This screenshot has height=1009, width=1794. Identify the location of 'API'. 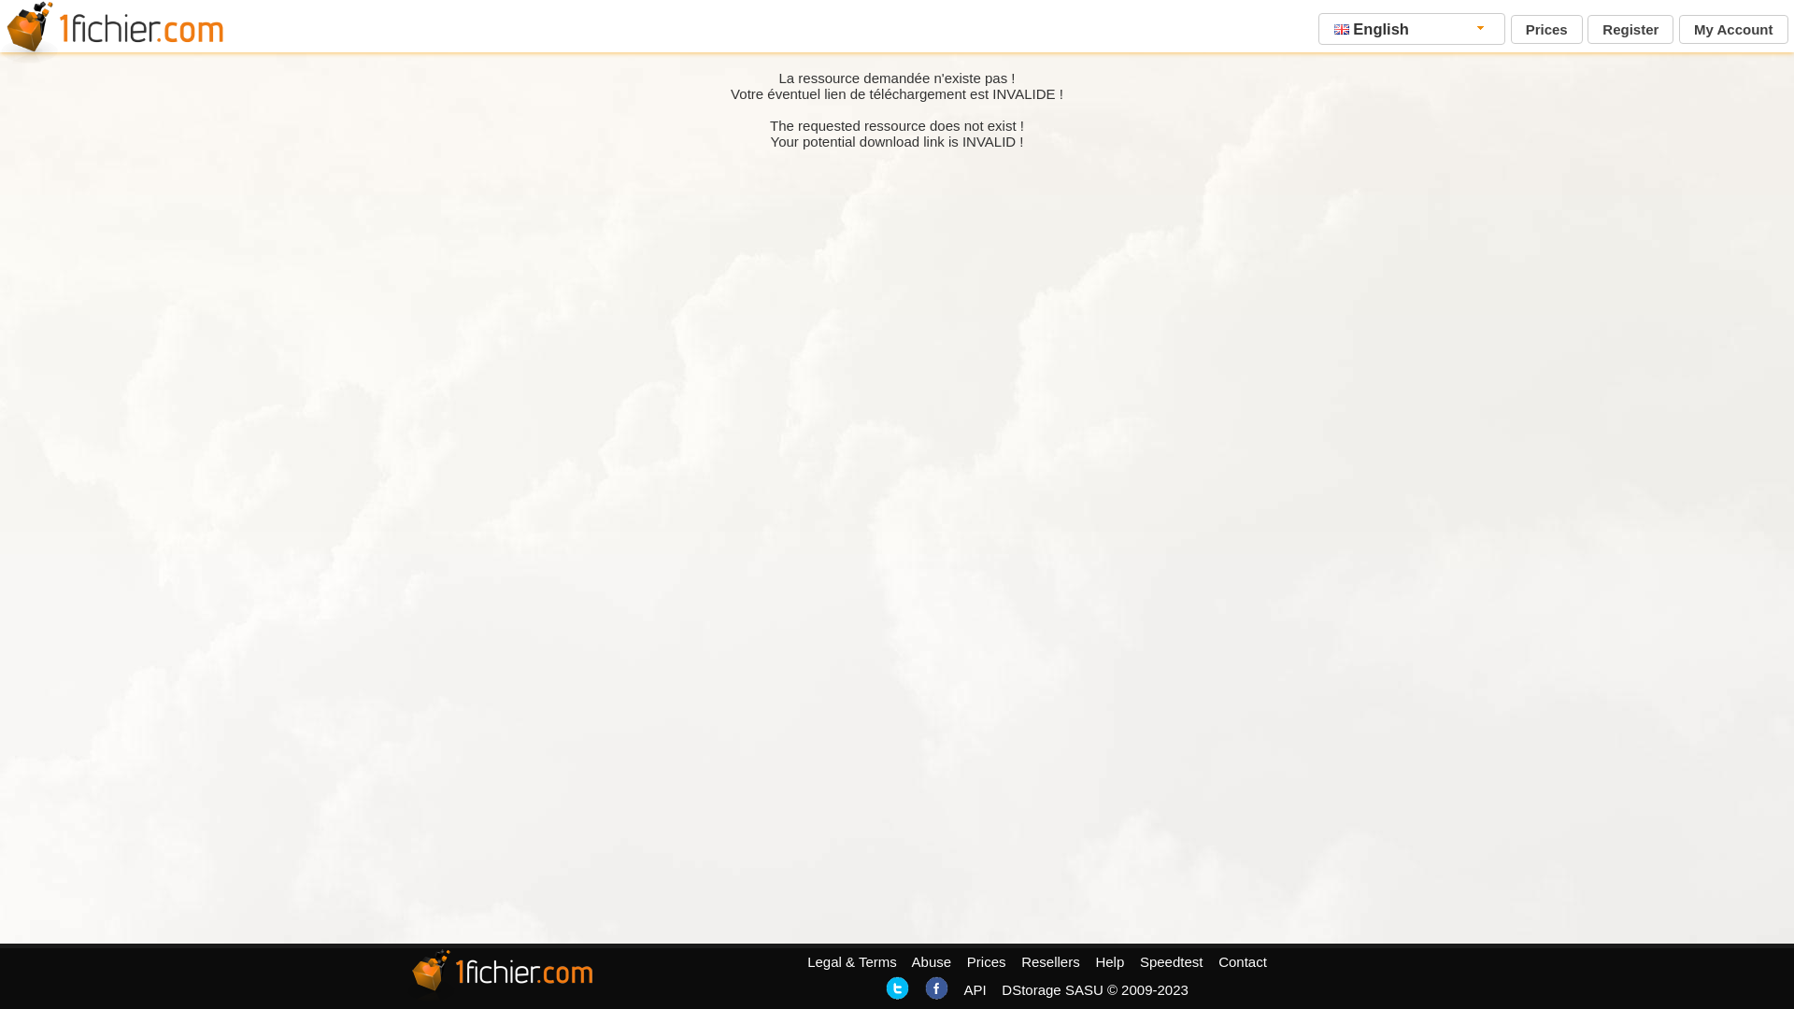
(973, 988).